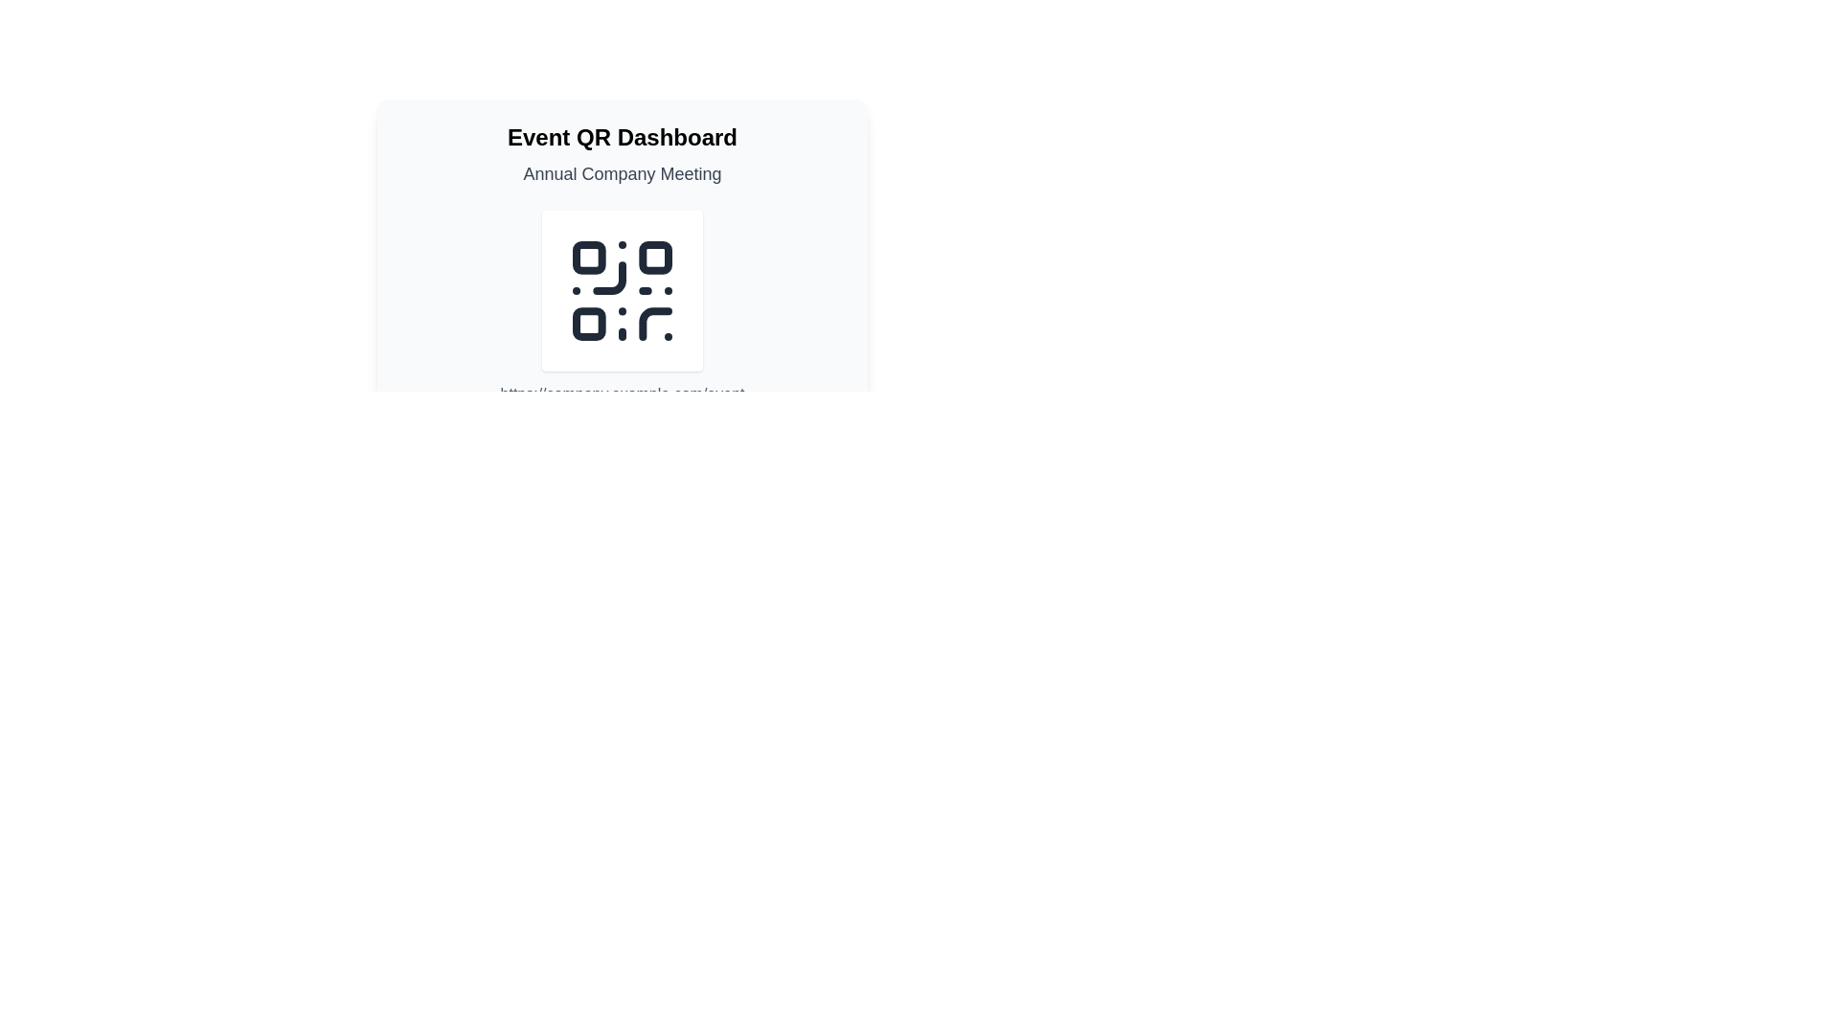 The height and width of the screenshot is (1034, 1839). Describe the element at coordinates (622, 393) in the screenshot. I see `the text displaying the URL 'https://company.example.com/event', which is centrally positioned beneath the QR code image` at that location.